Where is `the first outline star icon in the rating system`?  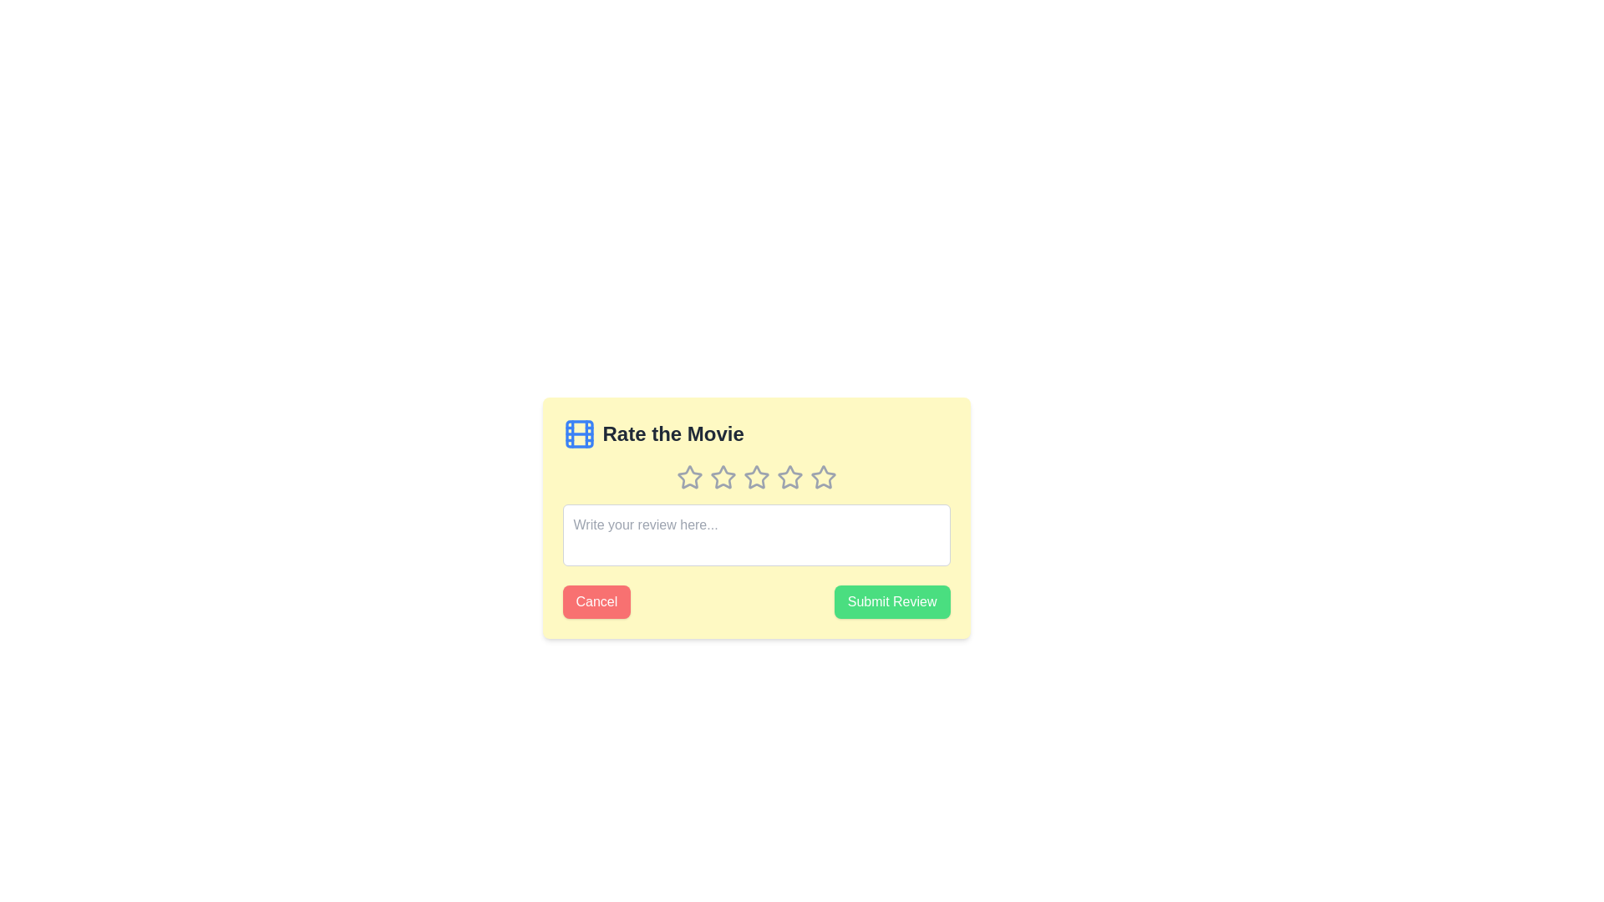 the first outline star icon in the rating system is located at coordinates (689, 477).